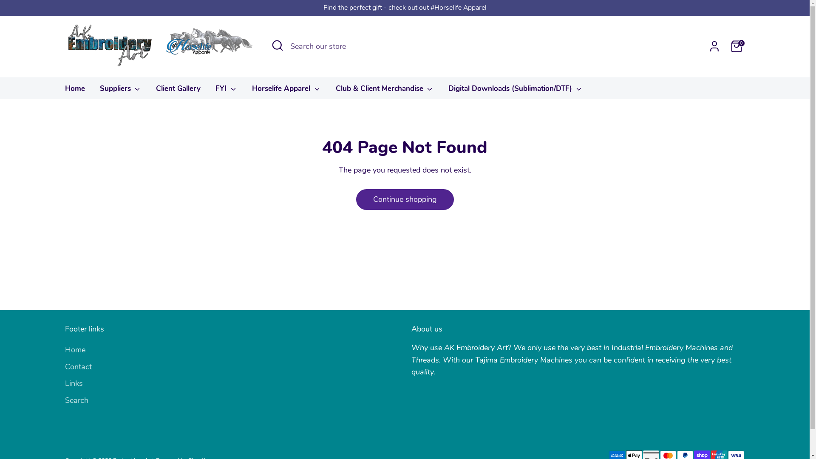  I want to click on 'Links', so click(64, 383).